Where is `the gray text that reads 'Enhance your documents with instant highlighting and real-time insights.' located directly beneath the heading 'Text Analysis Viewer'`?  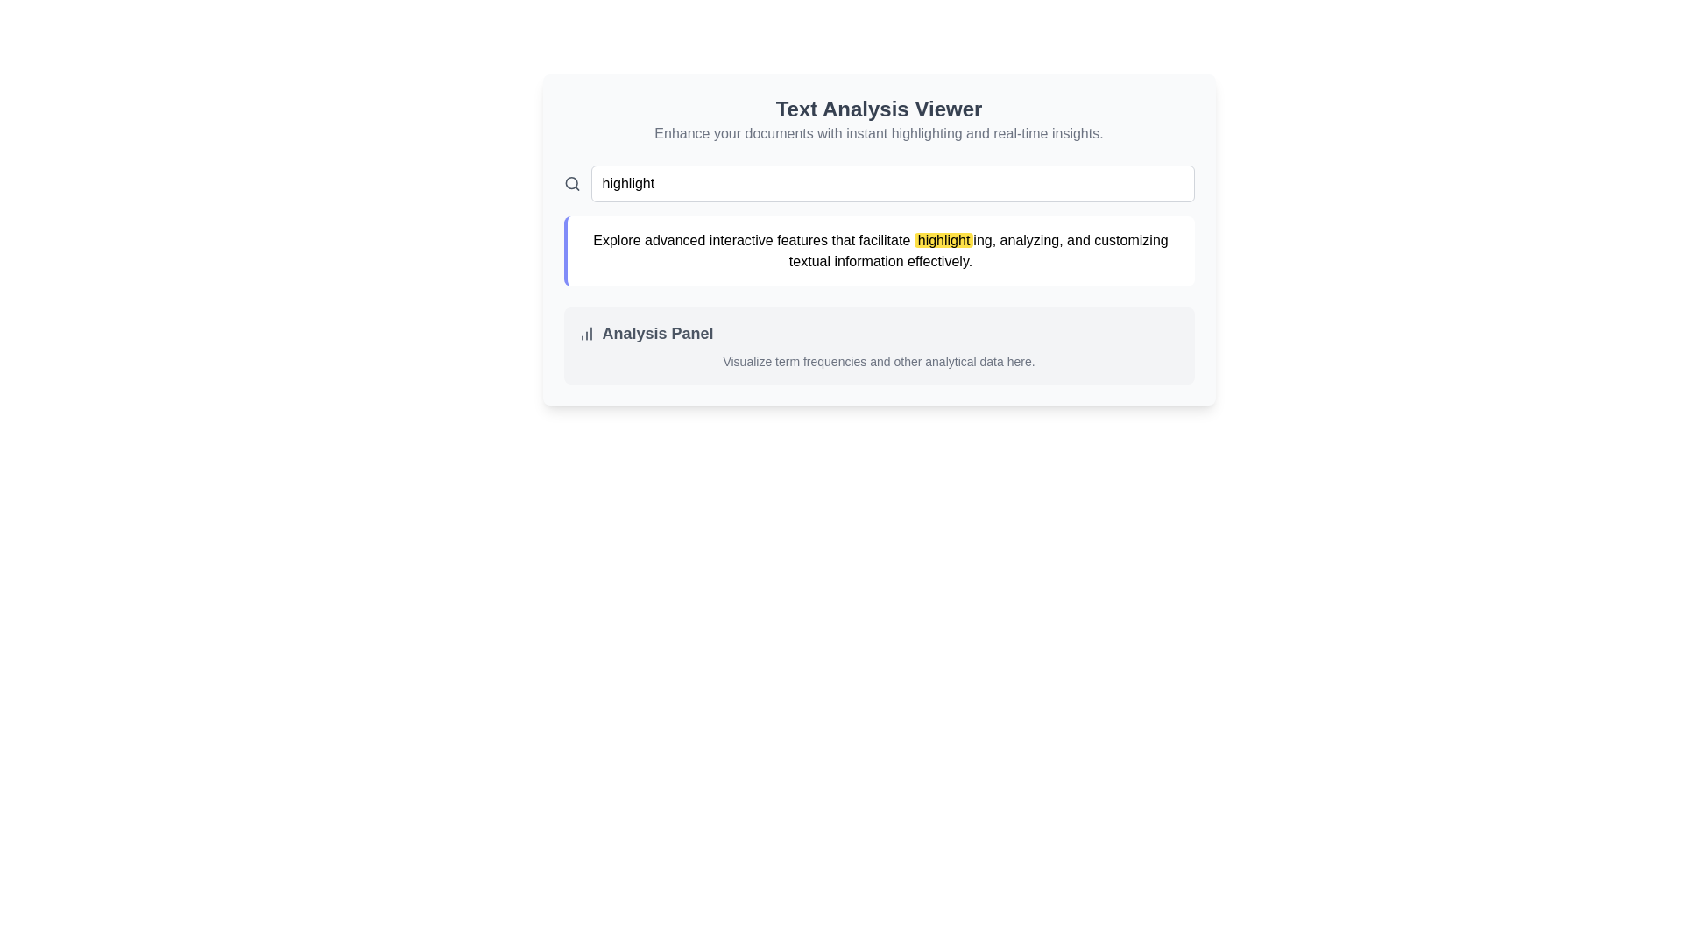
the gray text that reads 'Enhance your documents with instant highlighting and real-time insights.' located directly beneath the heading 'Text Analysis Viewer' is located at coordinates (879, 133).